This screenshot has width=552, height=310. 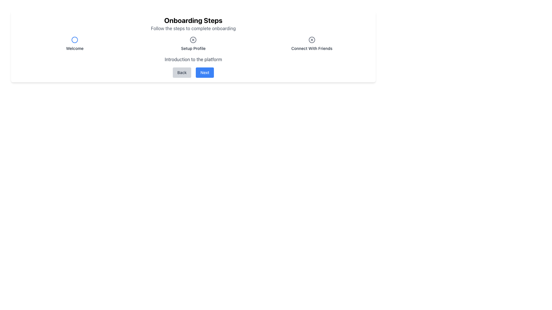 What do you see at coordinates (311, 39) in the screenshot?
I see `the circular icon with a cross sign, which is located in the upper right section of the onboarding step card next to 'Connect With Friends'` at bounding box center [311, 39].